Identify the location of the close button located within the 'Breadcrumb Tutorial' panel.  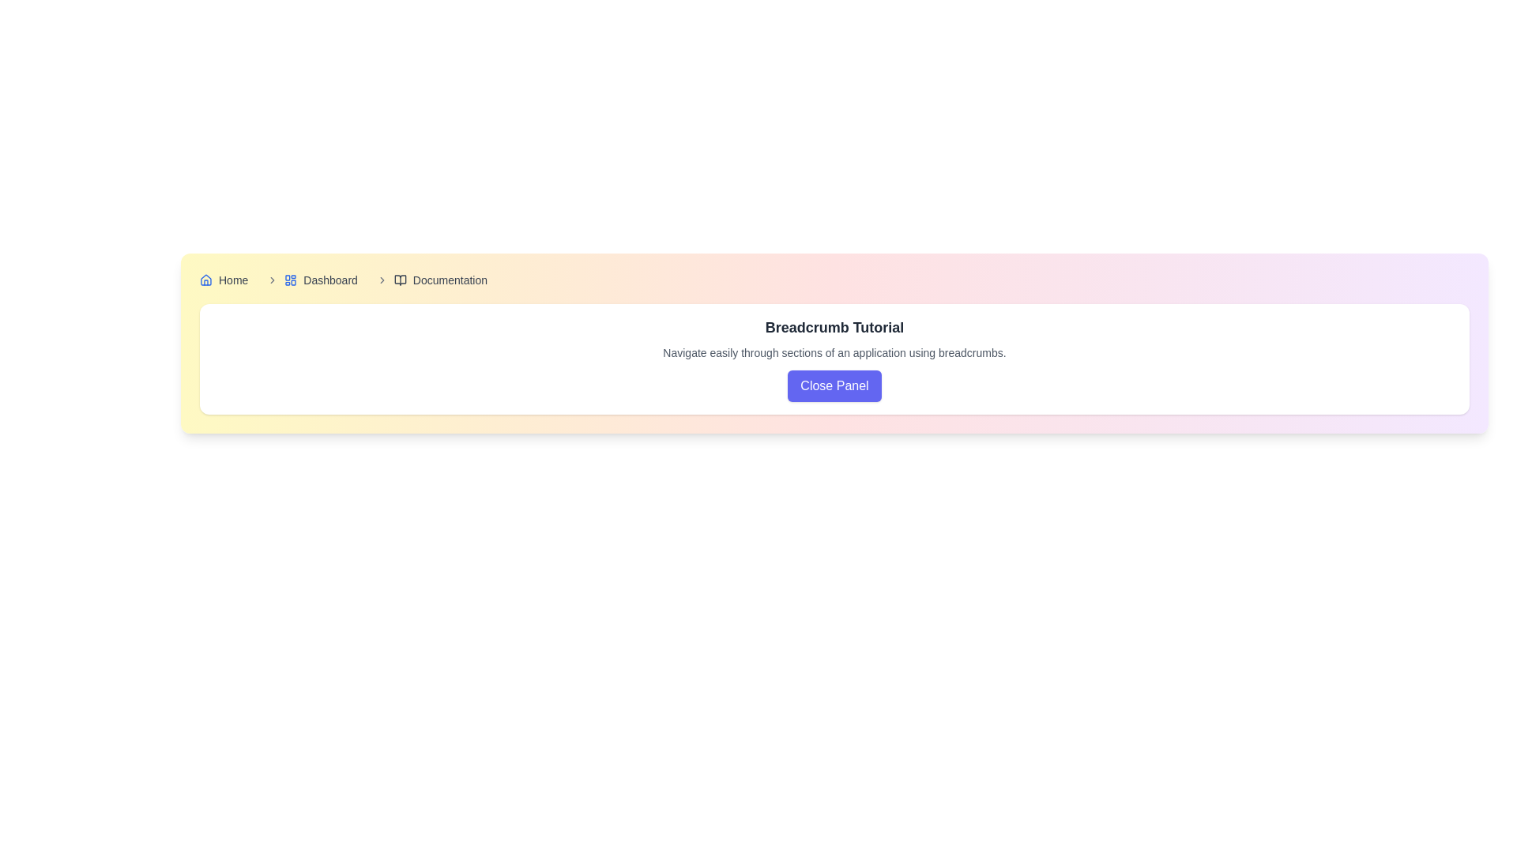
(834, 386).